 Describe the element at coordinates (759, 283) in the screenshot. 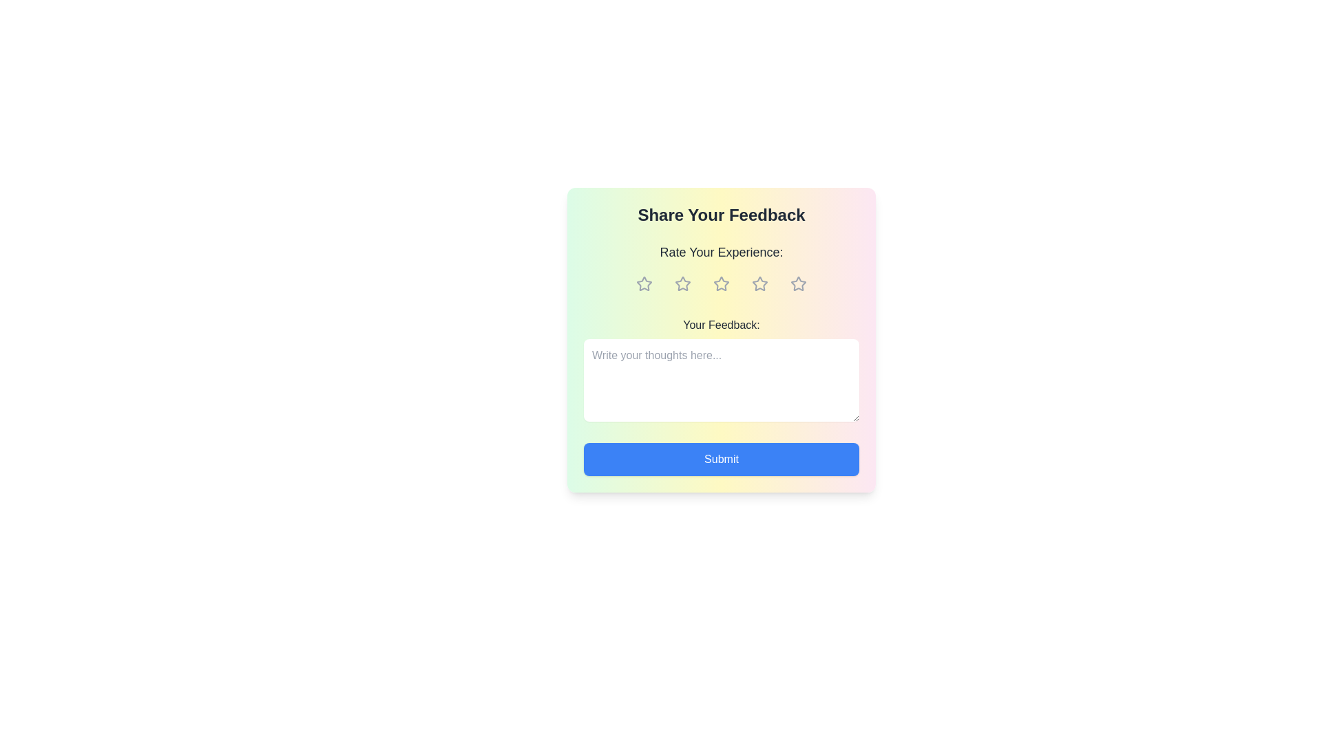

I see `the fourth star` at that location.